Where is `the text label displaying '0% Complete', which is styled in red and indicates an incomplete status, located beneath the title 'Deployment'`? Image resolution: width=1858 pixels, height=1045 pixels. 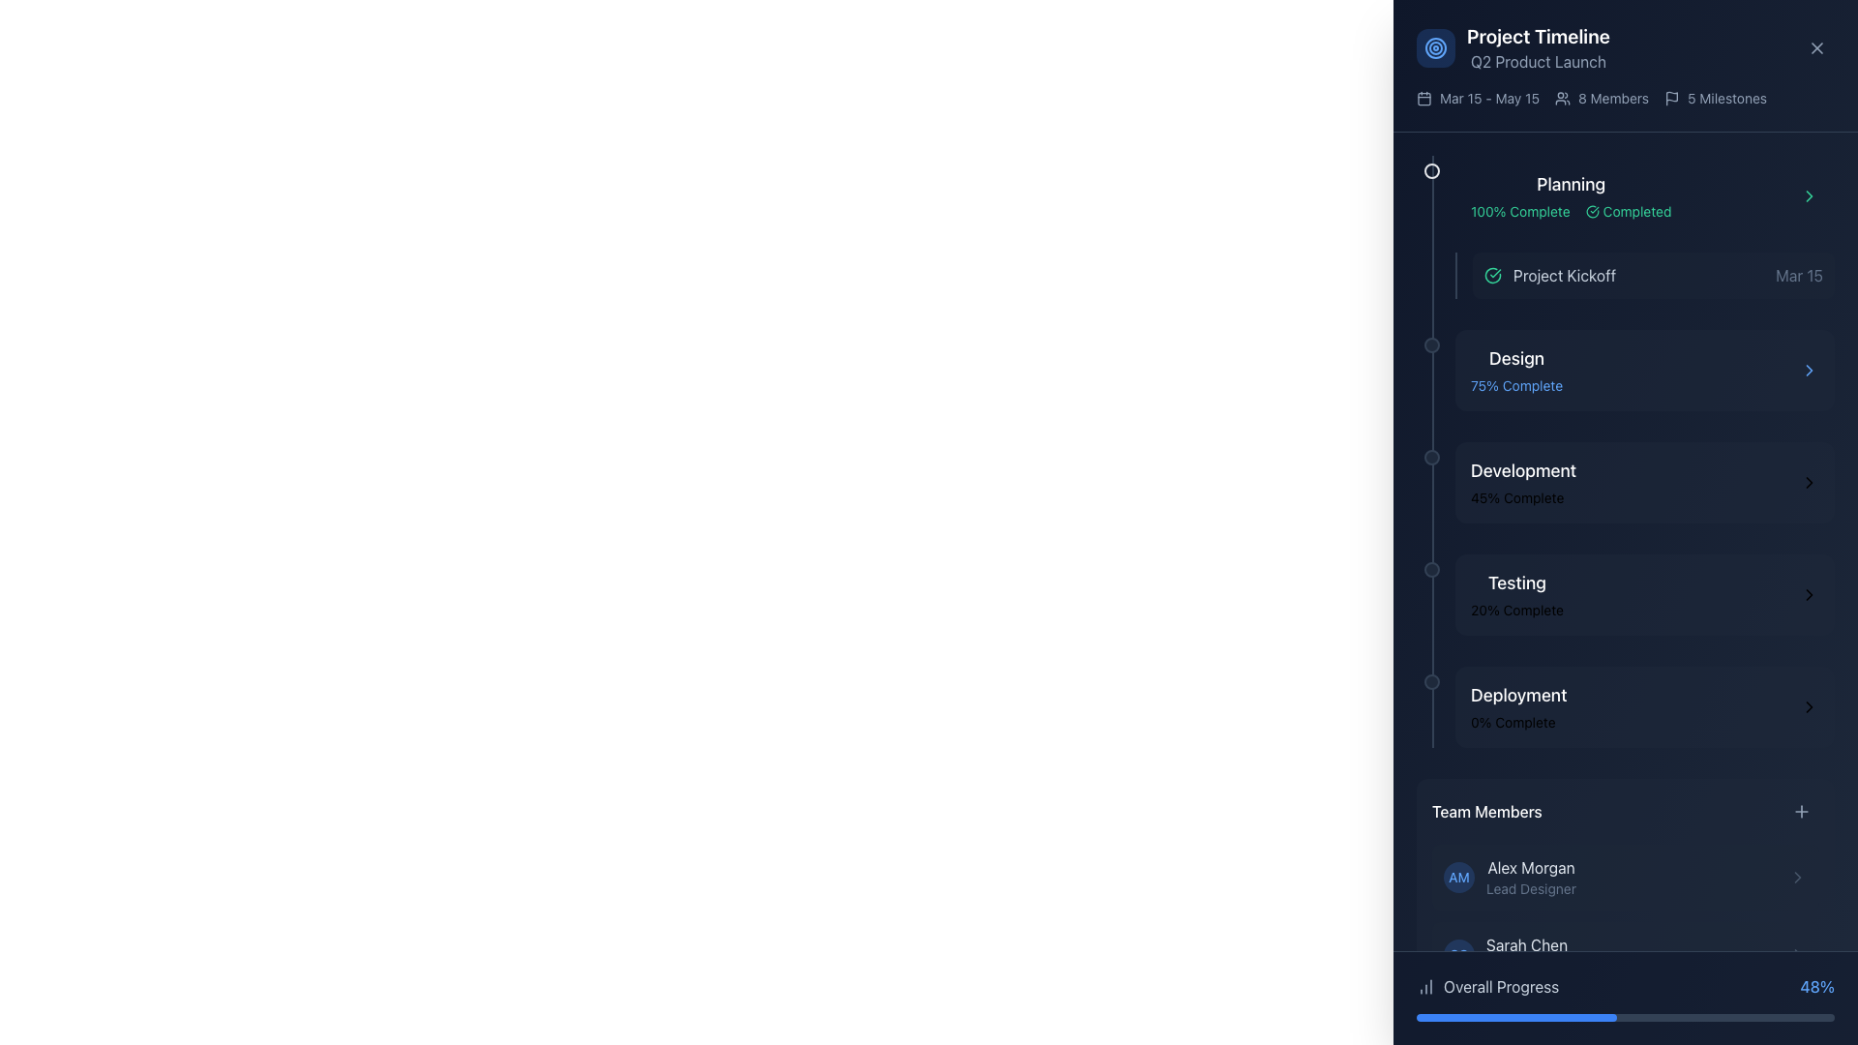
the text label displaying '0% Complete', which is styled in red and indicates an incomplete status, located beneath the title 'Deployment' is located at coordinates (1517, 723).